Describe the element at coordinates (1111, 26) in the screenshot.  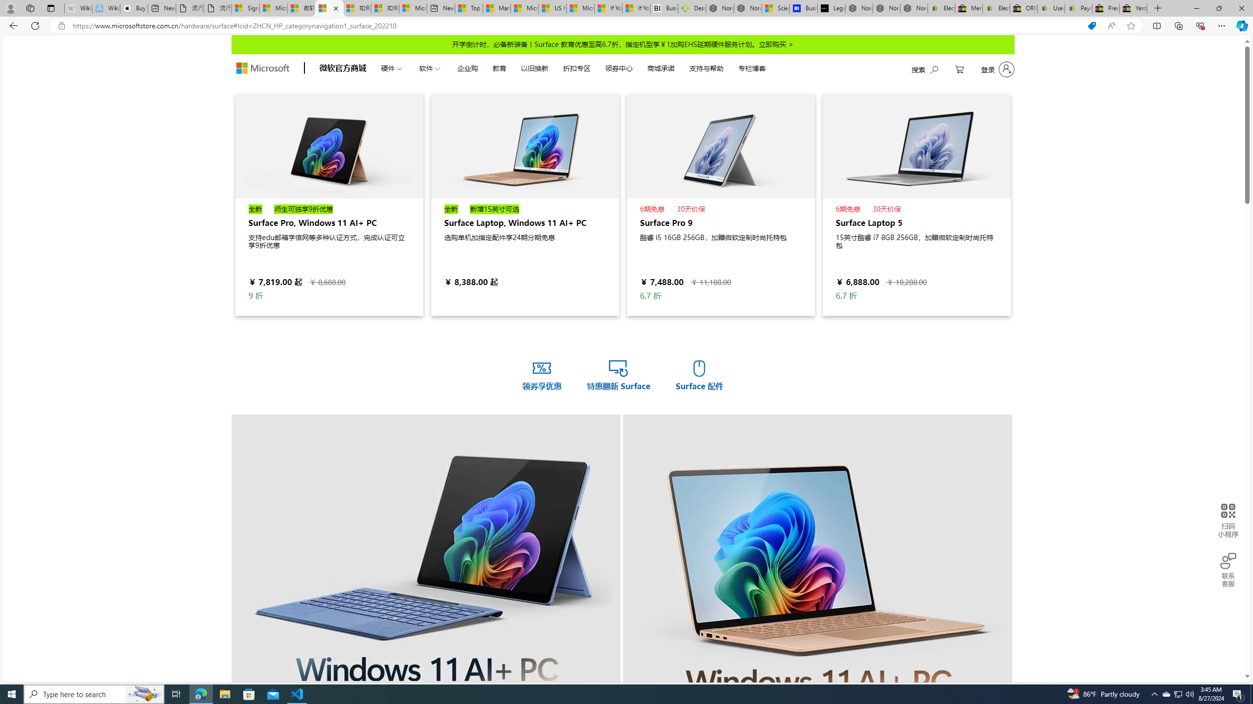
I see `'Read aloud this page (Ctrl+Shift+U)'` at that location.